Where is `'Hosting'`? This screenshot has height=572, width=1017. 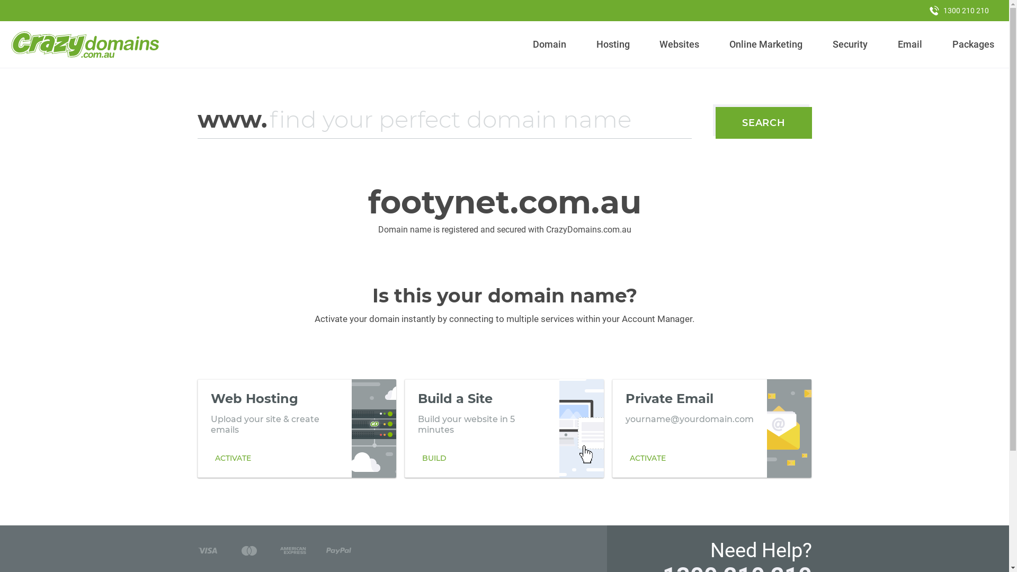
'Hosting' is located at coordinates (591, 44).